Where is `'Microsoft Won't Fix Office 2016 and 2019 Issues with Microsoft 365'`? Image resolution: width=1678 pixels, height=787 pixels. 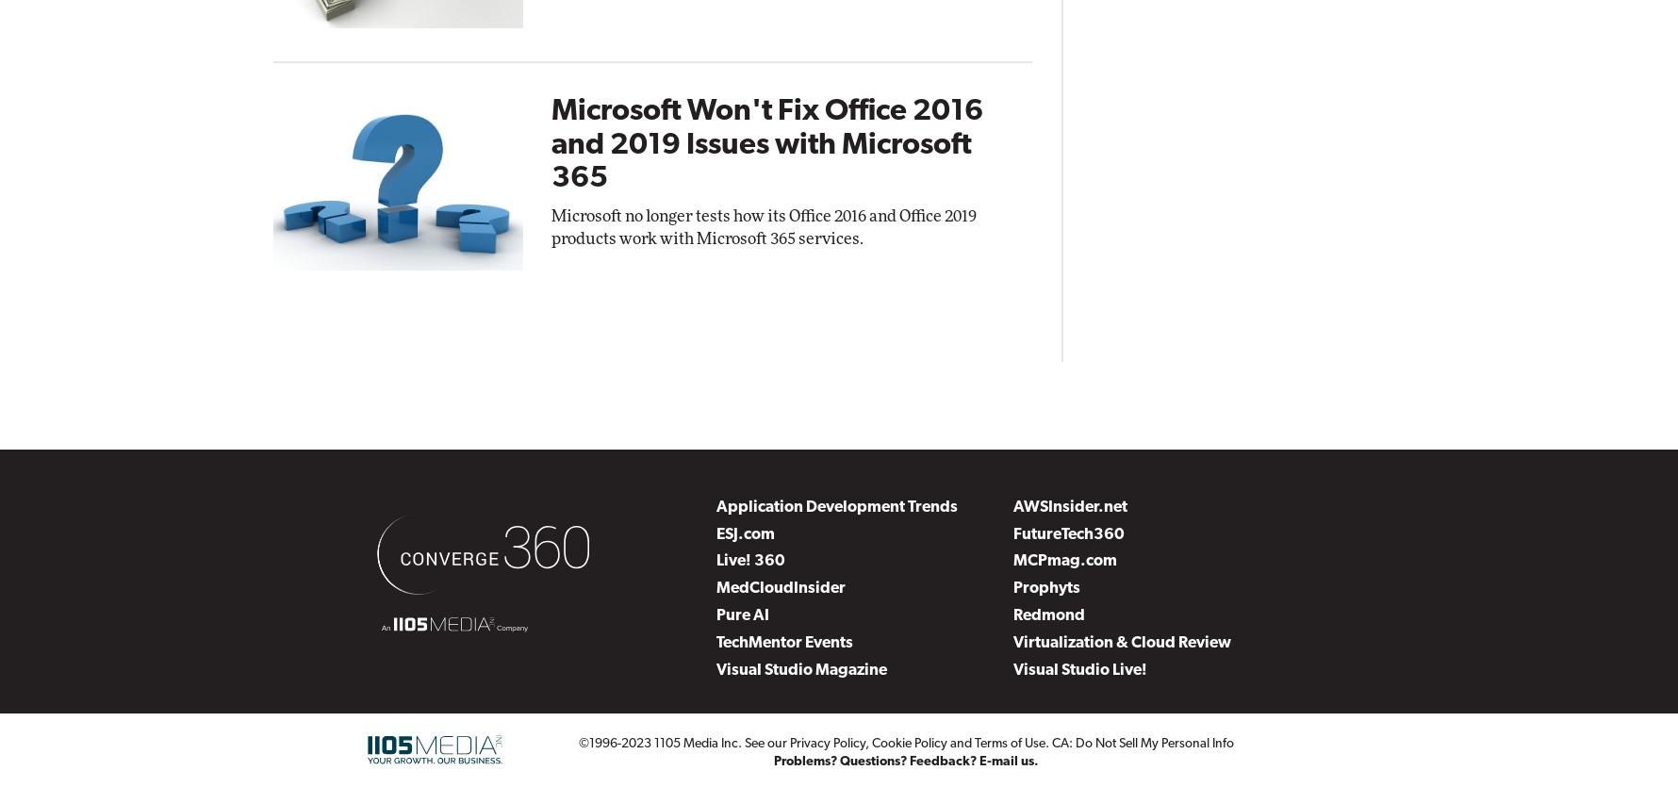 'Microsoft Won't Fix Office 2016 and 2019 Issues with Microsoft 365' is located at coordinates (766, 143).